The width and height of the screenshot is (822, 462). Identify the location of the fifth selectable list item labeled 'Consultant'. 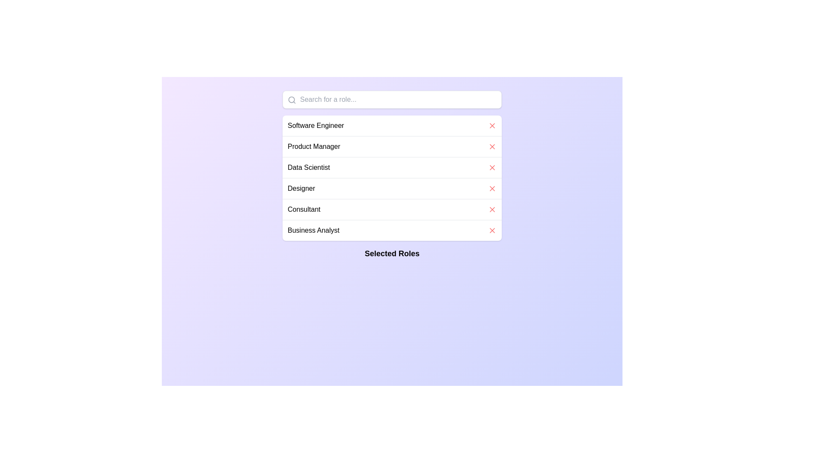
(392, 209).